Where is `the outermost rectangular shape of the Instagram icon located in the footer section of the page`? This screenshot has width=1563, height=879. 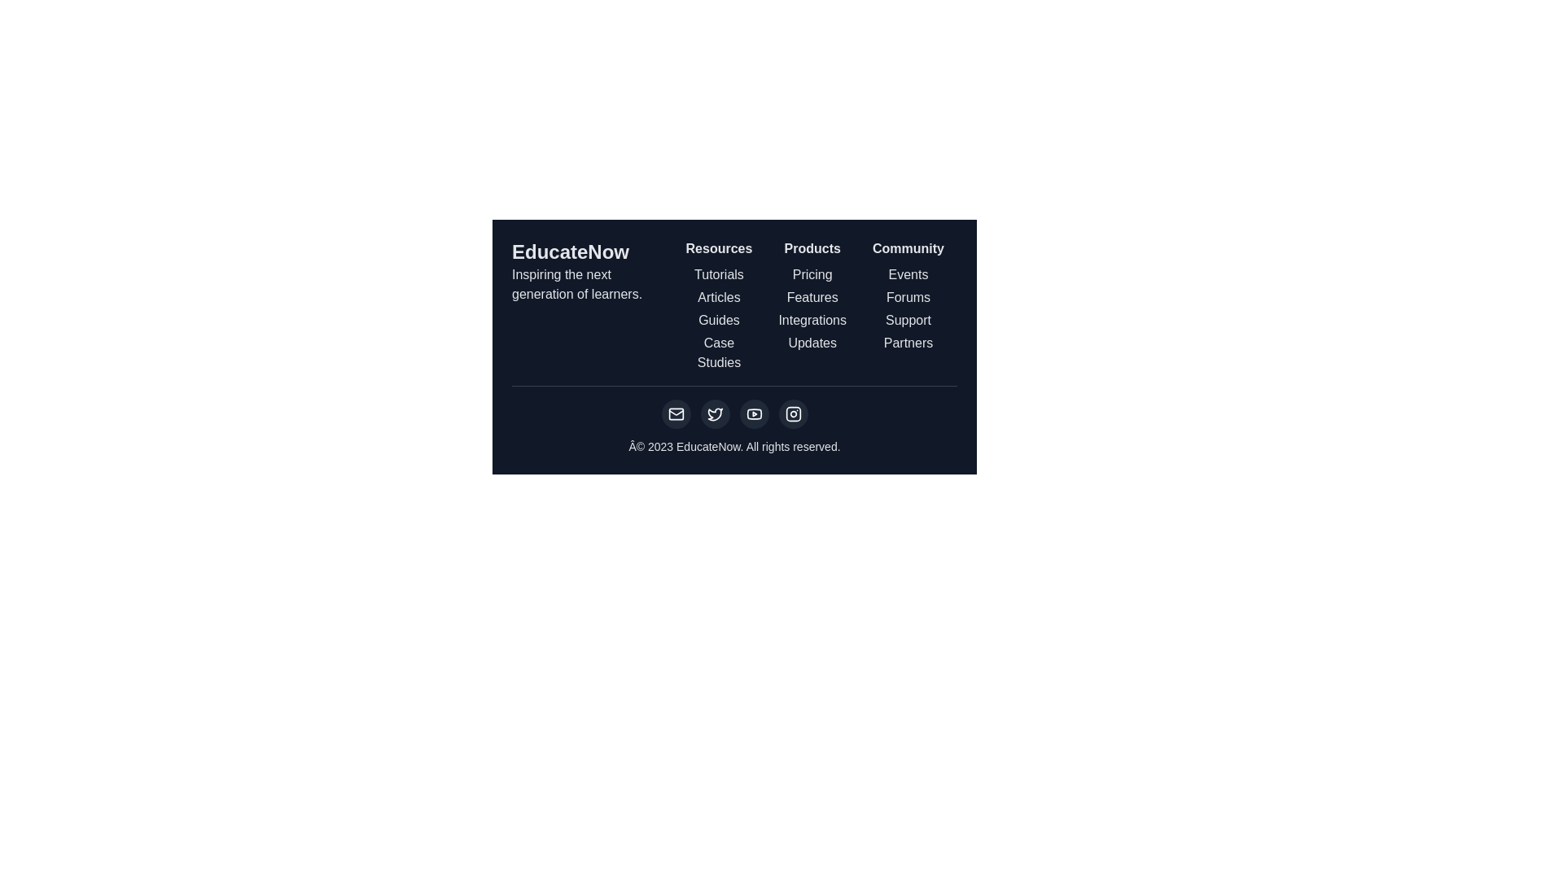
the outermost rectangular shape of the Instagram icon located in the footer section of the page is located at coordinates (793, 413).